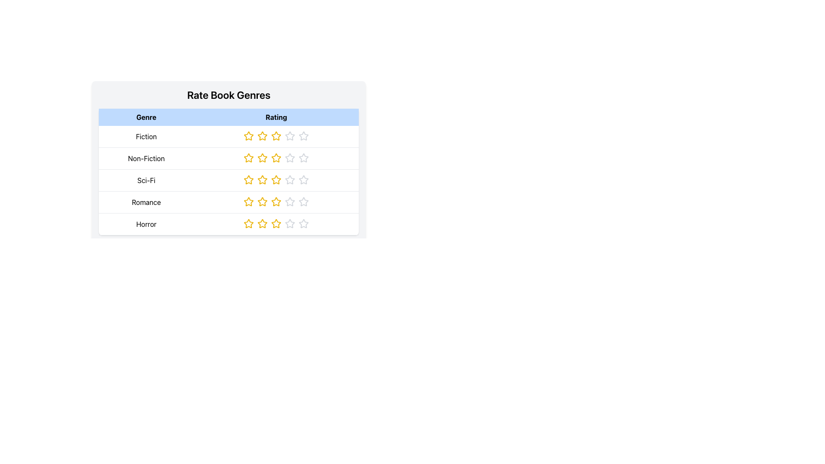  I want to click on the third star icon in the rating column for the 'Sci-Fi' genre, so click(262, 180).